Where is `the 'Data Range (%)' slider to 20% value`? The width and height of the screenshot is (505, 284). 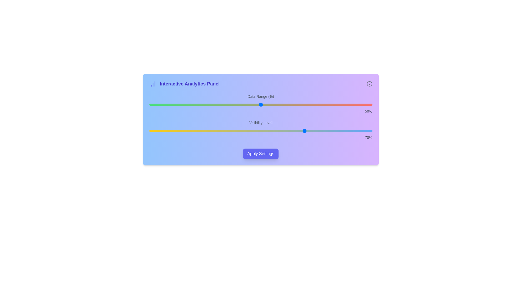 the 'Data Range (%)' slider to 20% value is located at coordinates (194, 104).